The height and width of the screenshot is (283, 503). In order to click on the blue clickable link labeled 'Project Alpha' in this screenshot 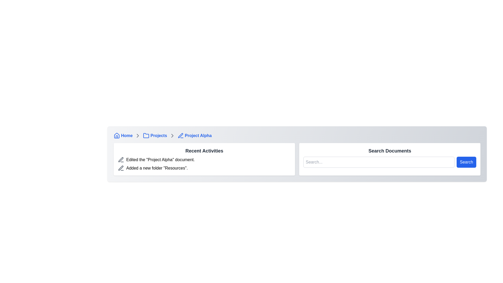, I will do `click(194, 135)`.